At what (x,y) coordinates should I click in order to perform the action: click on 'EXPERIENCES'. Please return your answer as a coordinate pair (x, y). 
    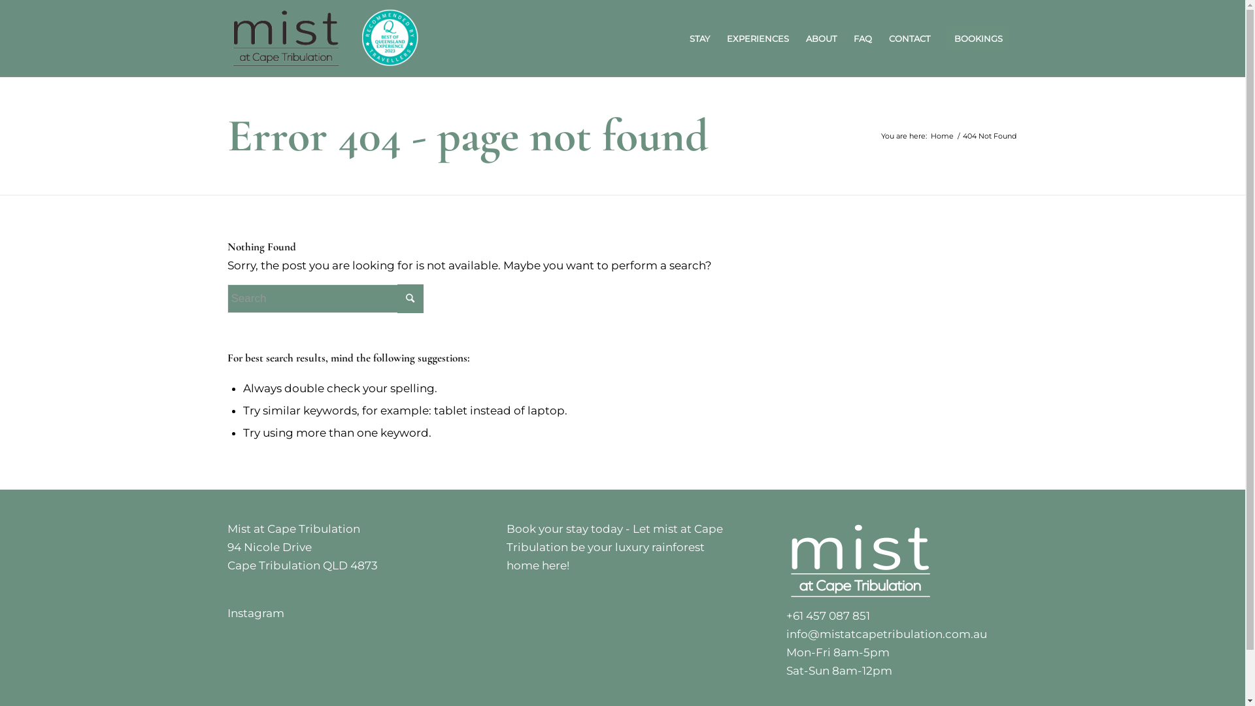
    Looking at the image, I should click on (757, 37).